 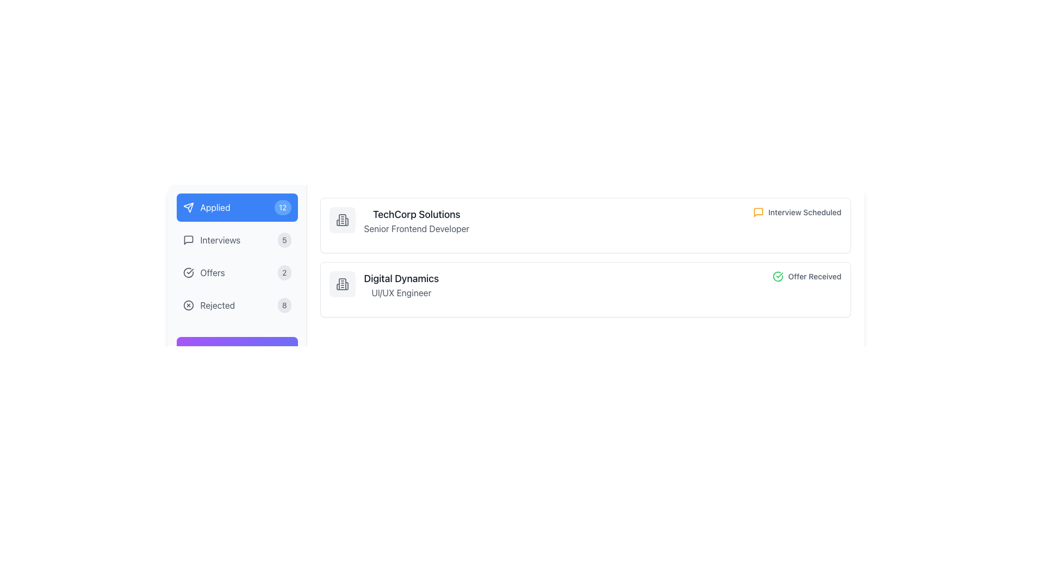 What do you see at coordinates (758, 212) in the screenshot?
I see `the message interaction icon located in the right section of the interface, near the 'TechCorp Solutions' listing under 'Interview Scheduled'` at bounding box center [758, 212].